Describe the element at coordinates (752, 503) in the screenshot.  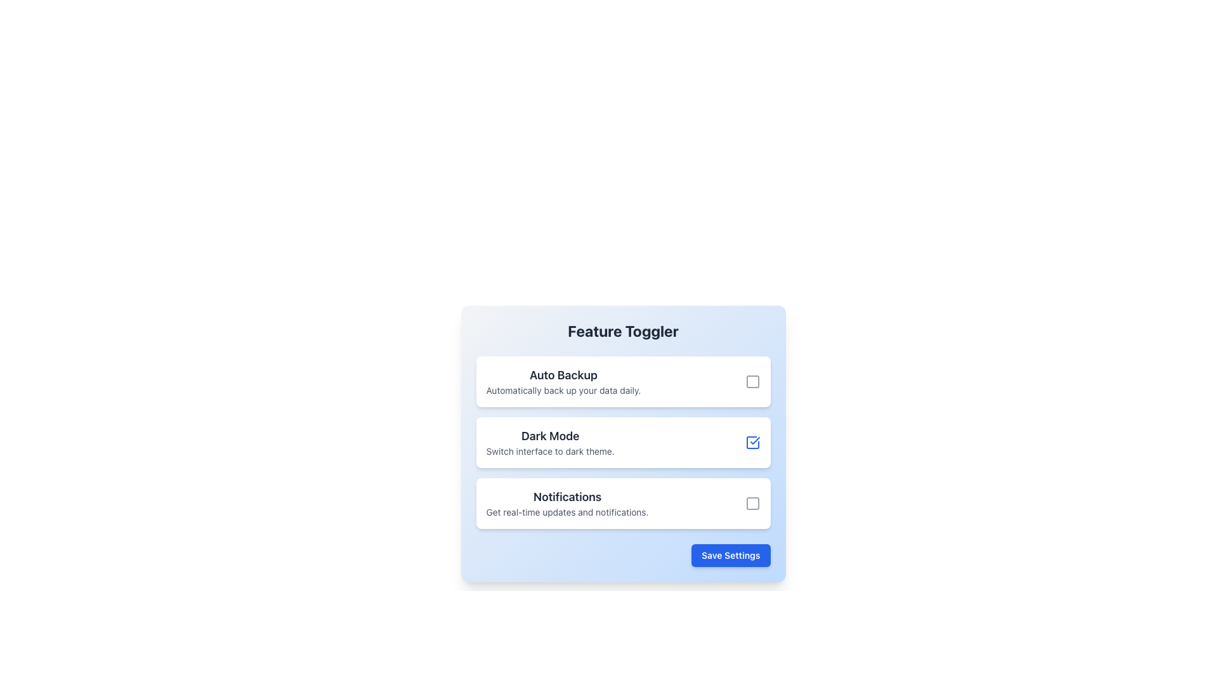
I see `the Notifications toggle icon` at that location.